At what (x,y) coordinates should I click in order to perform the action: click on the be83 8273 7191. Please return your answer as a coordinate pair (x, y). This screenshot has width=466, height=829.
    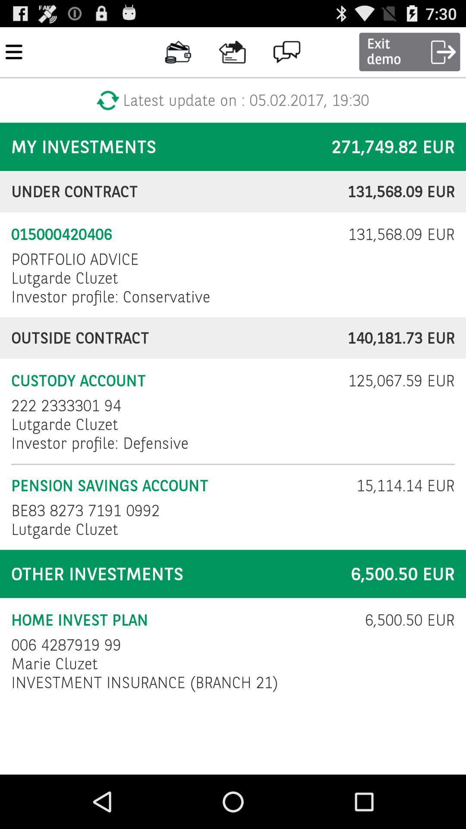
    Looking at the image, I should click on (88, 510).